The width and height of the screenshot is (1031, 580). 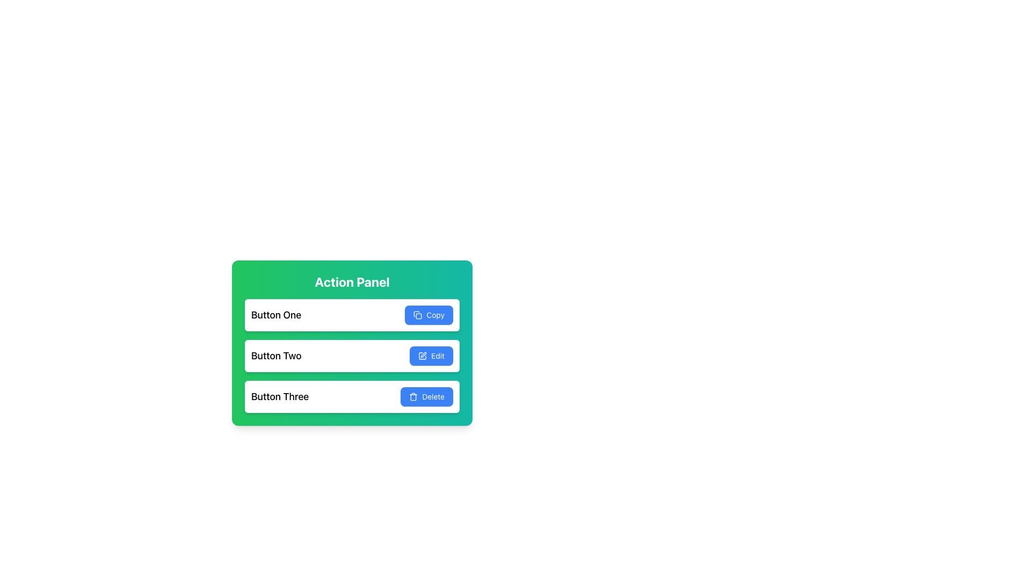 I want to click on the 'Delete' text label within the blue button, which is the third button in the vertical stack of action buttons in the green 'Action Panel', to invoke its delete action, so click(x=433, y=397).